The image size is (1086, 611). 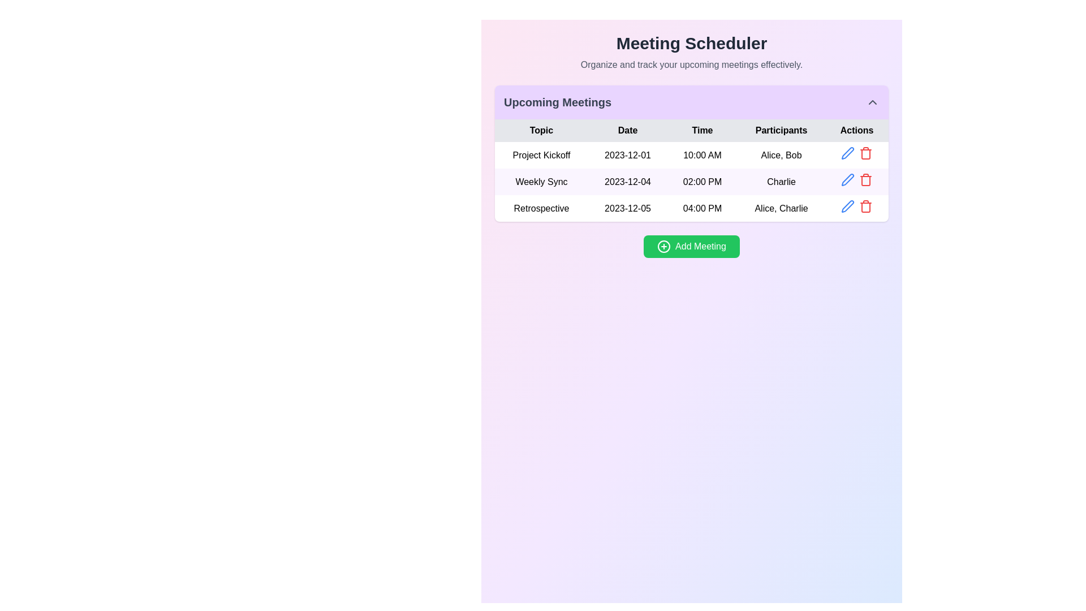 What do you see at coordinates (541, 208) in the screenshot?
I see `the static text element labeled 'Retrospective' in the 'Upcoming Meetings' table, located in the first column of the third row` at bounding box center [541, 208].